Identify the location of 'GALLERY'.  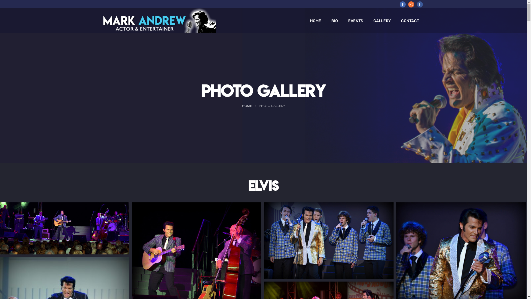
(382, 20).